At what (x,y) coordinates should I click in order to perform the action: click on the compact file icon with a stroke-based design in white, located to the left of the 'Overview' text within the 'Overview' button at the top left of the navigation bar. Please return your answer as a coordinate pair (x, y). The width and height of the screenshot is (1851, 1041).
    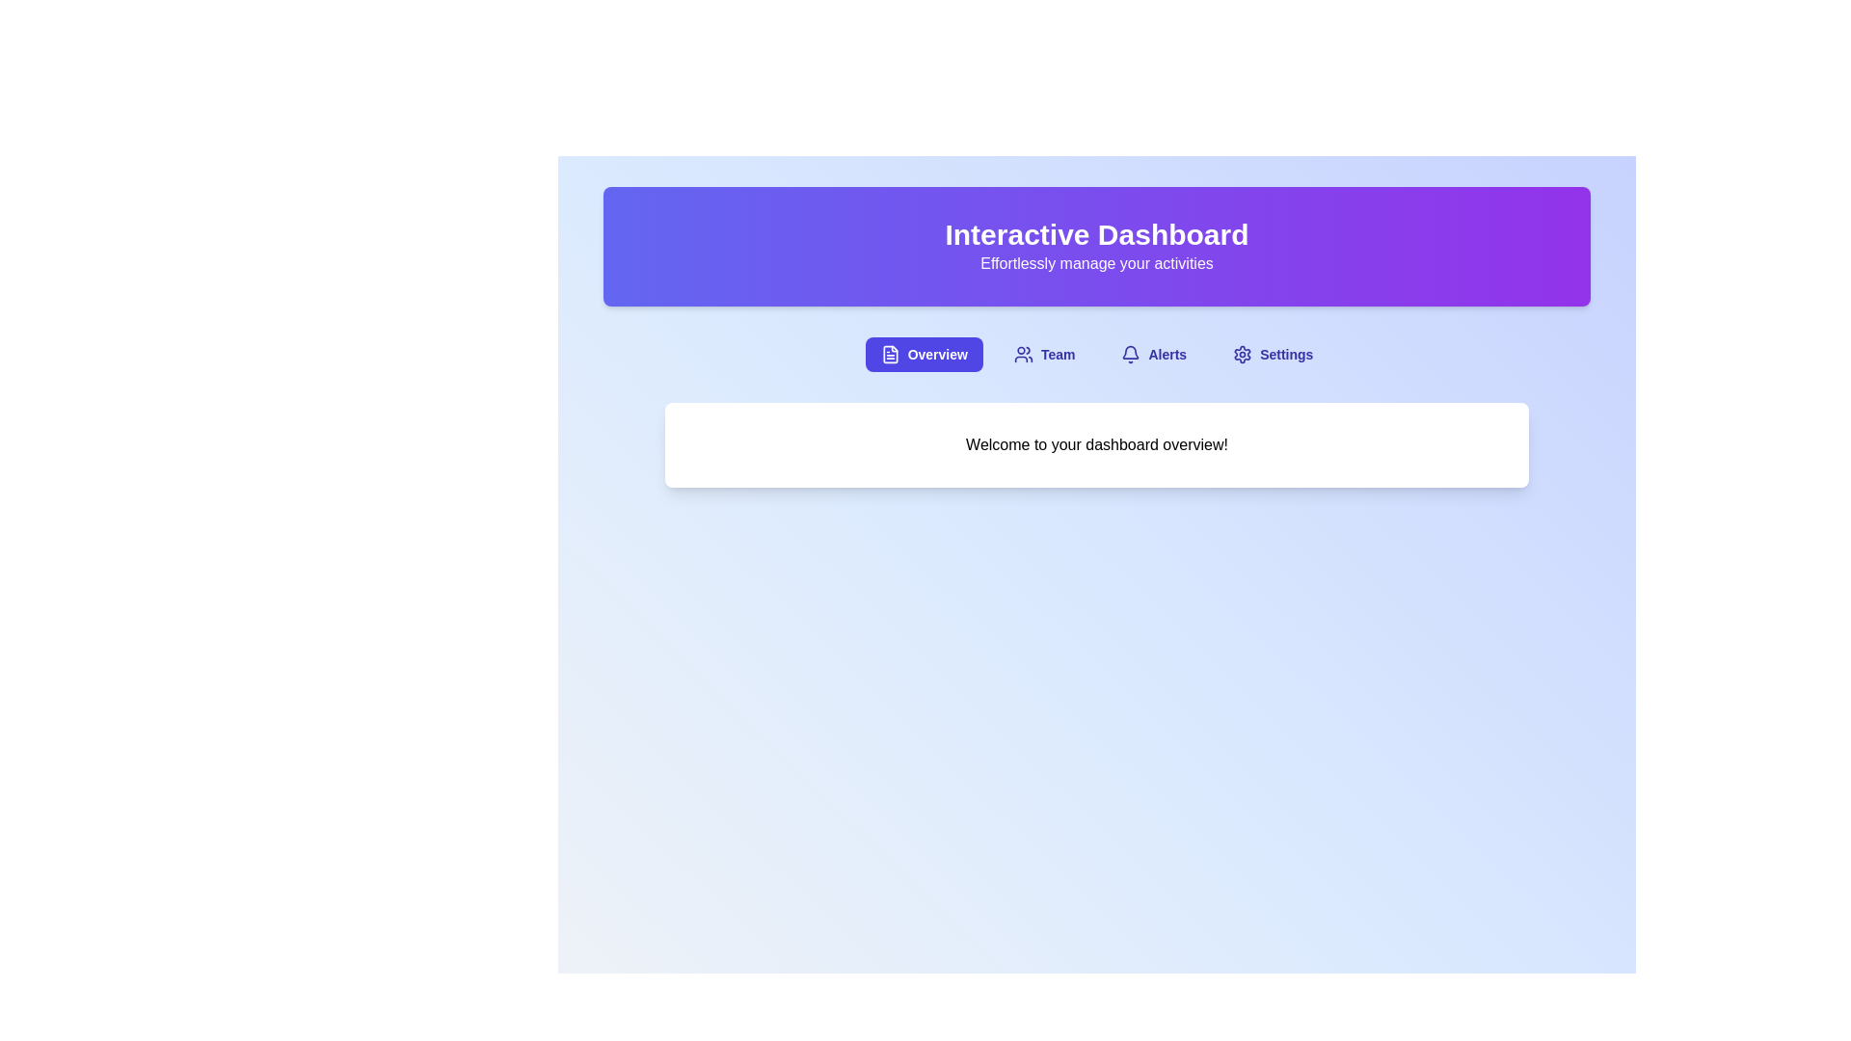
    Looking at the image, I should click on (889, 354).